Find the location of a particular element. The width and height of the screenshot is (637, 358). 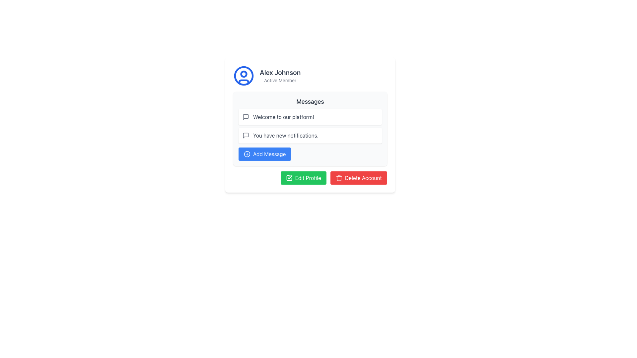

the static text element that displays 'Welcome to our platform!' which is styled in gray and located below the 'Messages' section header is located at coordinates (283, 117).